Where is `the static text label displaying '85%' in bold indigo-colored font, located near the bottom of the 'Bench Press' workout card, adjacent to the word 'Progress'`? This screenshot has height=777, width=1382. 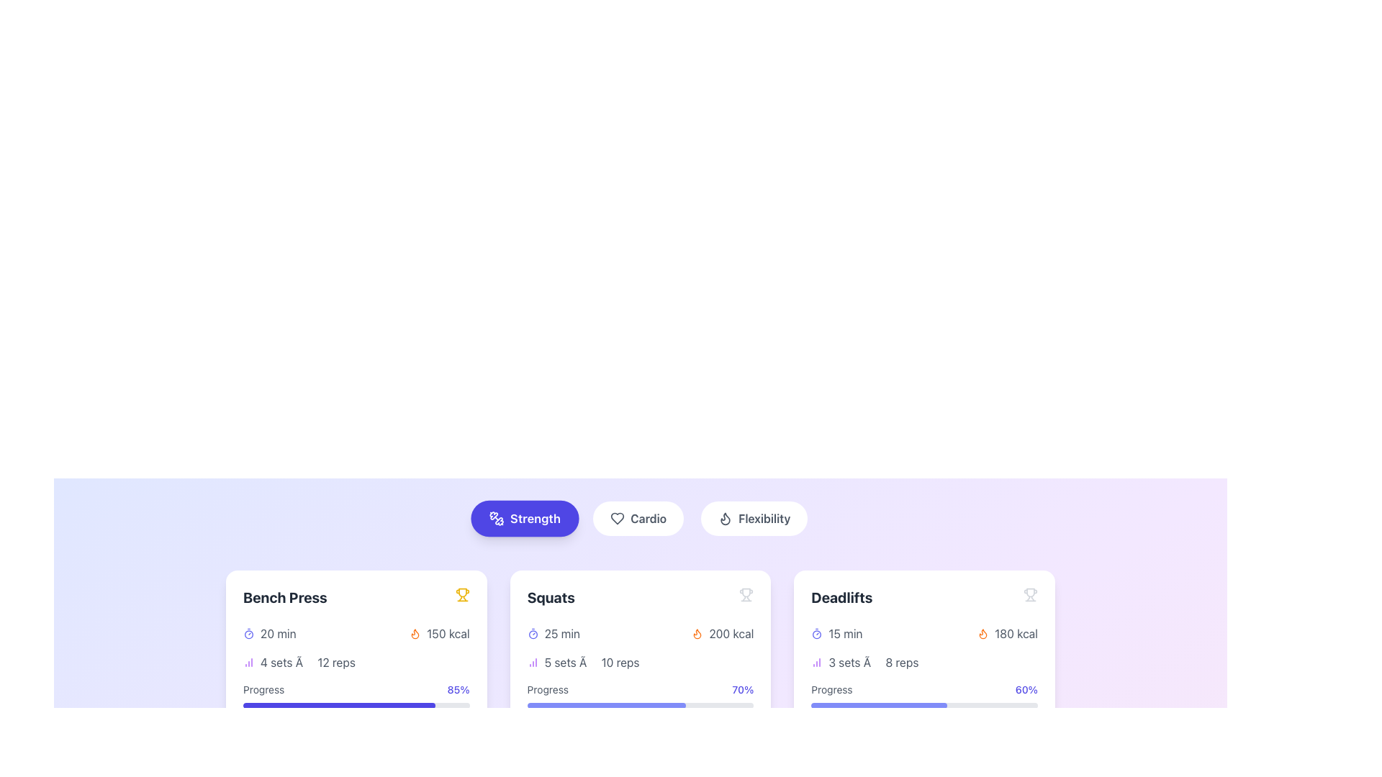 the static text label displaying '85%' in bold indigo-colored font, located near the bottom of the 'Bench Press' workout card, adjacent to the word 'Progress' is located at coordinates (458, 689).